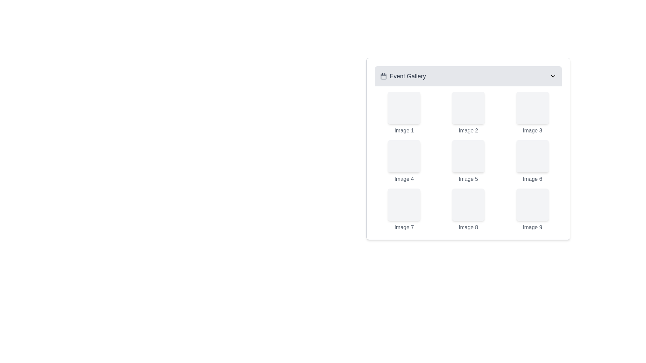 This screenshot has height=363, width=646. Describe the element at coordinates (404, 107) in the screenshot. I see `the static image placeholder with rounded corners and light gray background labeled 'Image 1' in the 'Event Gallery' section` at that location.